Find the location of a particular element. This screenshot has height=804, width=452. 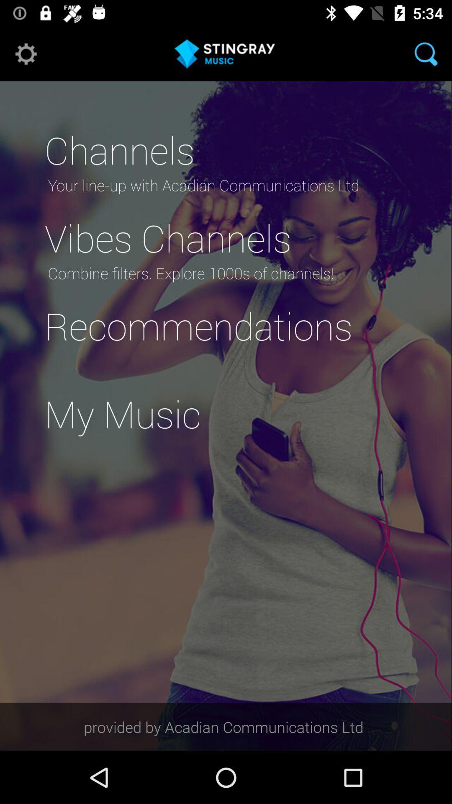

the search icon is located at coordinates (426, 53).